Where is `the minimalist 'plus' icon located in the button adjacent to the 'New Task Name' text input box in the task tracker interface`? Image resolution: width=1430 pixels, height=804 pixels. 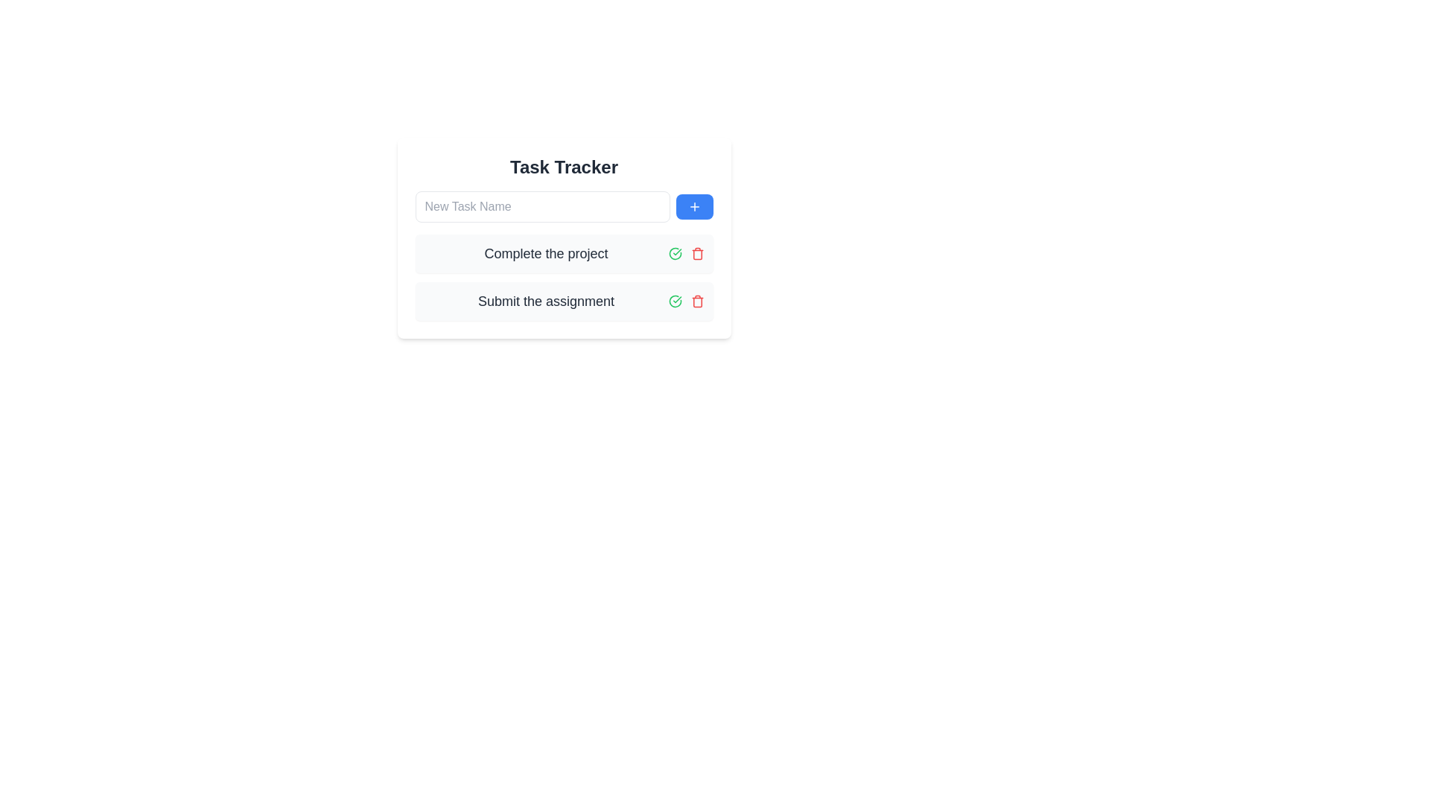
the minimalist 'plus' icon located in the button adjacent to the 'New Task Name' text input box in the task tracker interface is located at coordinates (693, 206).